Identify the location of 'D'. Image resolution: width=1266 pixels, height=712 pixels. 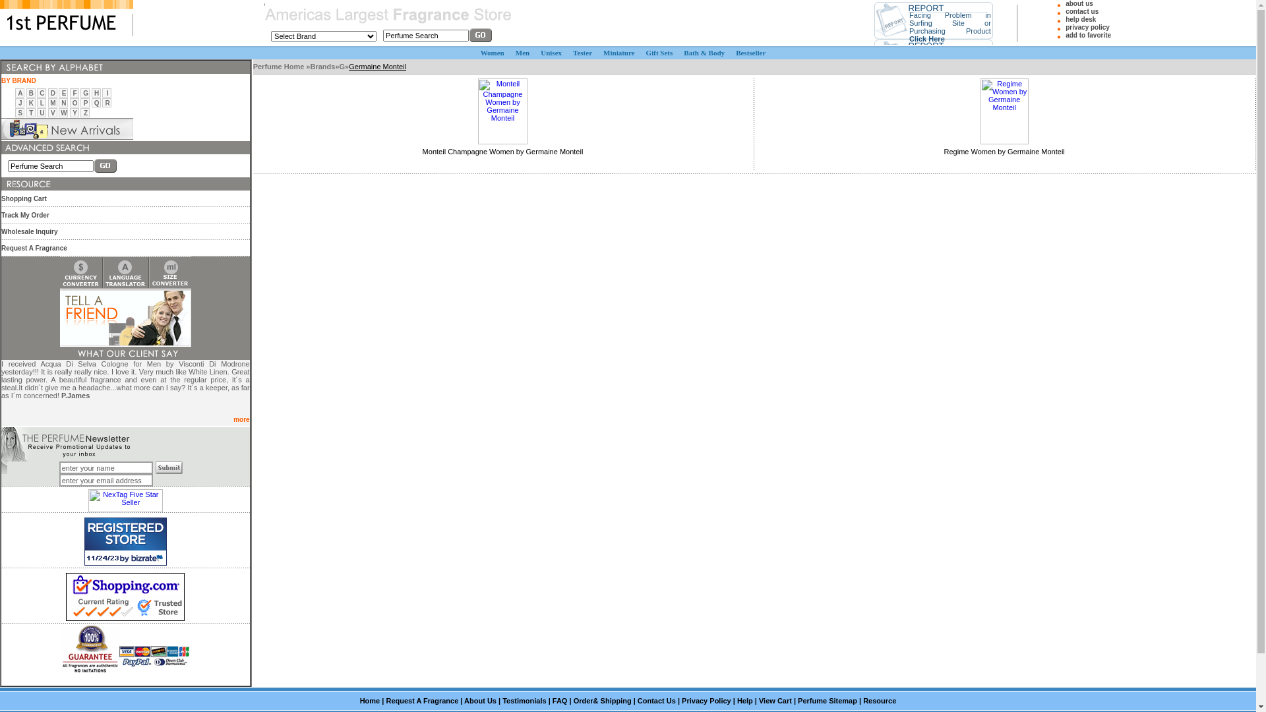
(53, 92).